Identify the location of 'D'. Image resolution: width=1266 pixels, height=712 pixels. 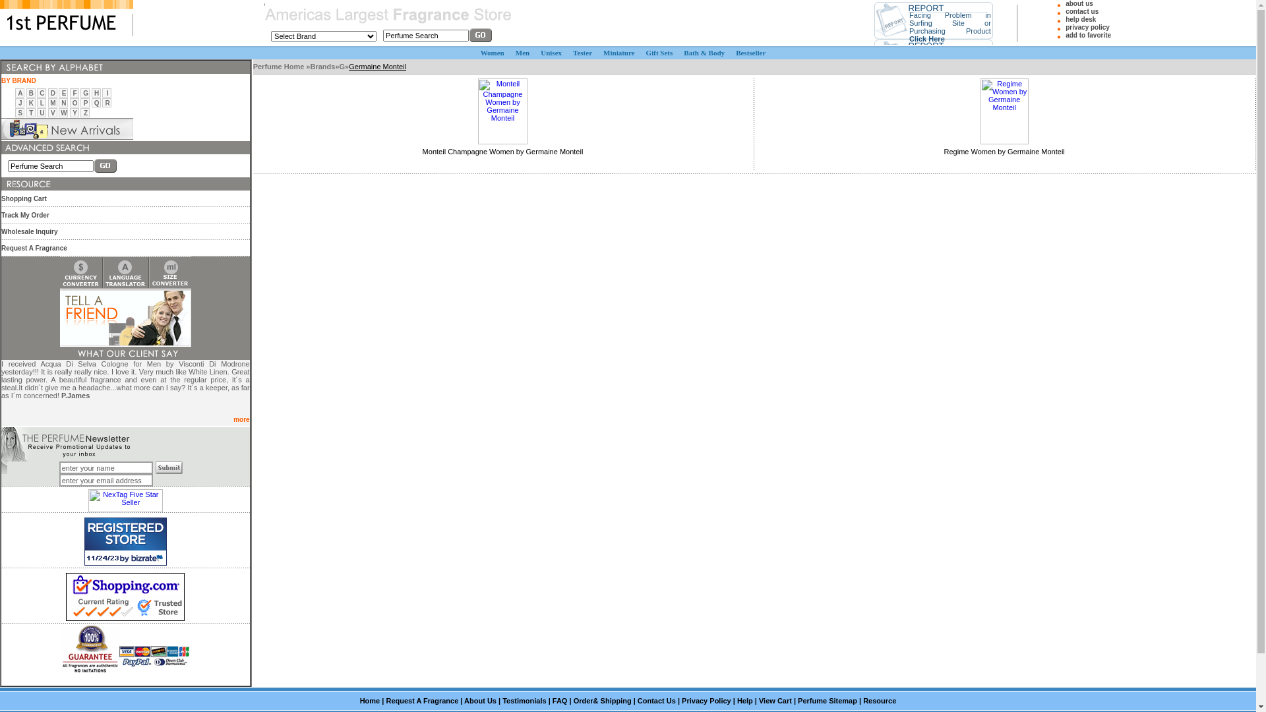
(53, 92).